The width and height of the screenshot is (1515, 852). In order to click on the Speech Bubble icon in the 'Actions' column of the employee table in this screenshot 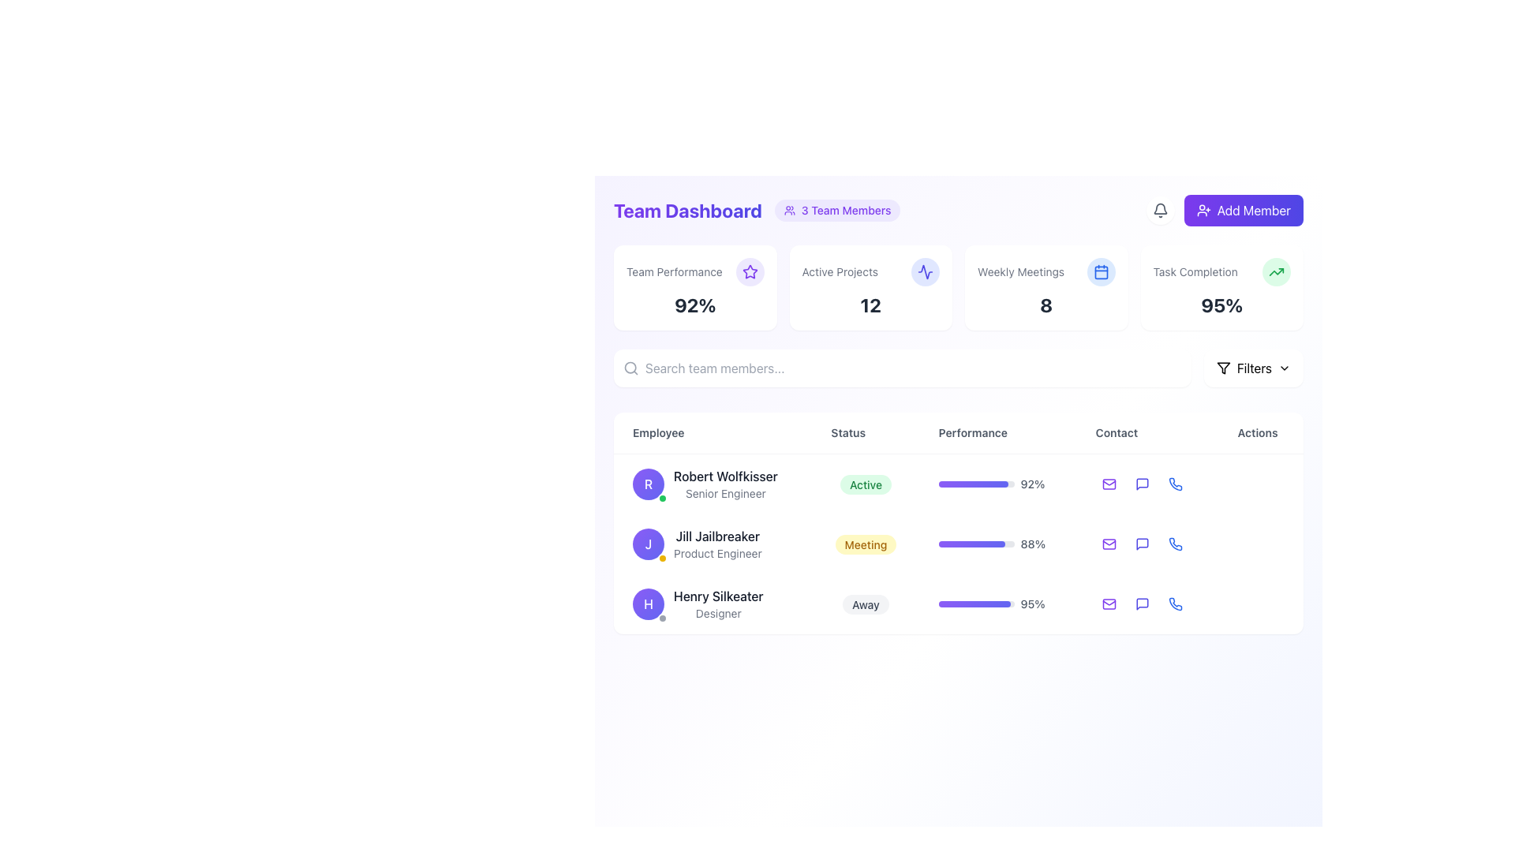, I will do `click(1142, 483)`.